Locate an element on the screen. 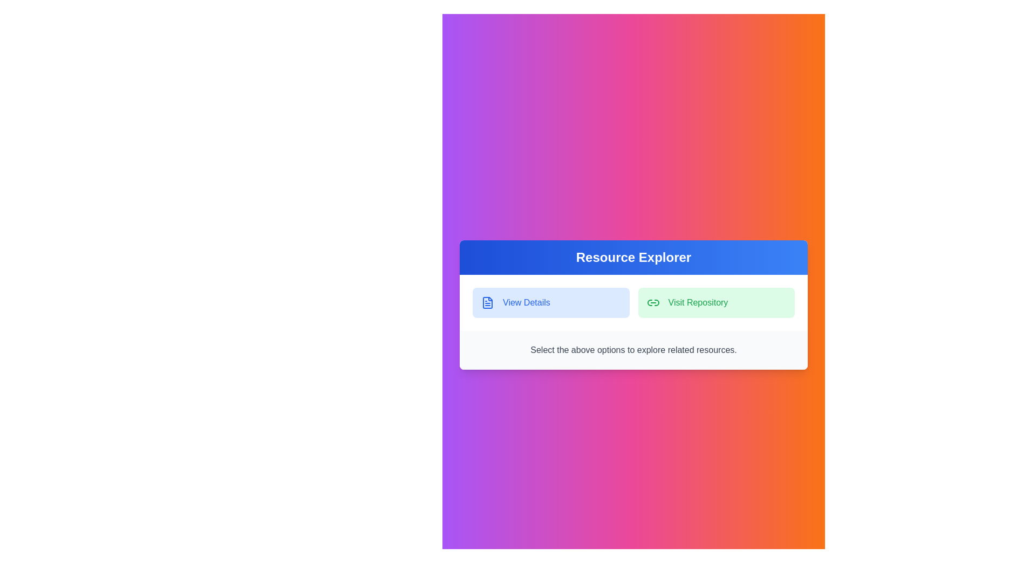 This screenshot has height=582, width=1036. the 'Visit Repository' text label located in the Resource Explorer modal, which is positioned to the right of an icon and occupies most of the text area is located at coordinates (698, 303).